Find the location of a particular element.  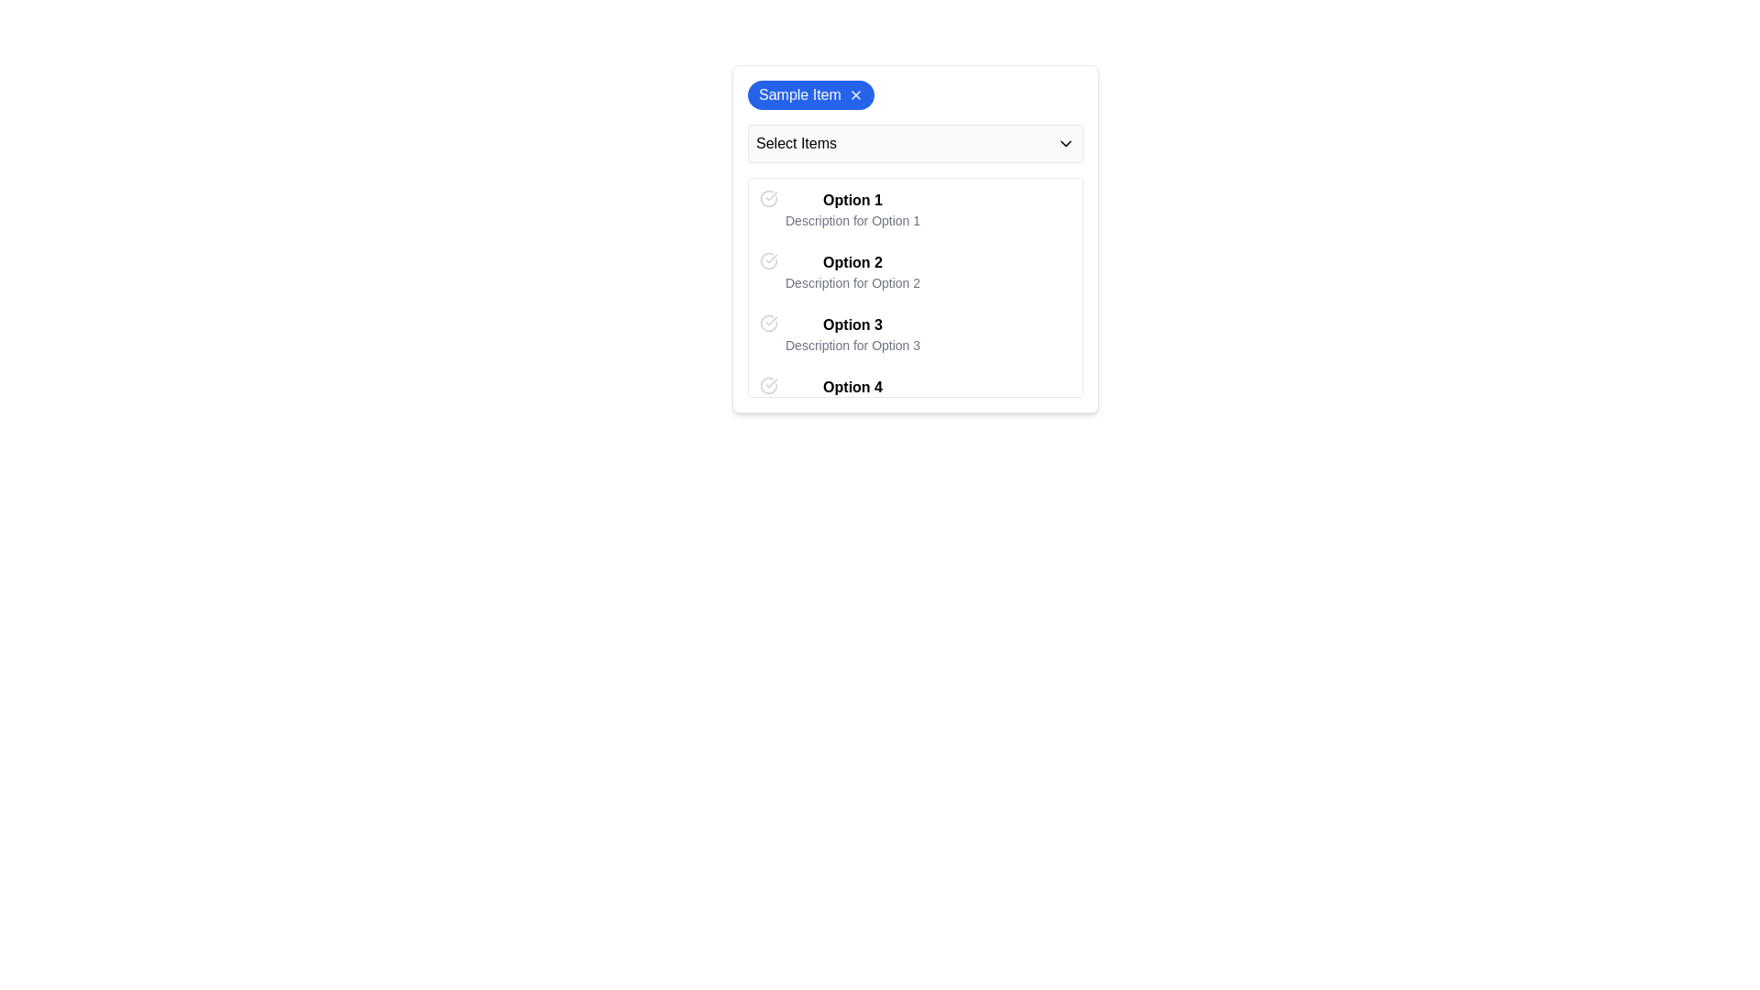

the second item in the vertically stacked list of selectable items, which displays a title and description conveying information about the choice is located at coordinates (852, 272).